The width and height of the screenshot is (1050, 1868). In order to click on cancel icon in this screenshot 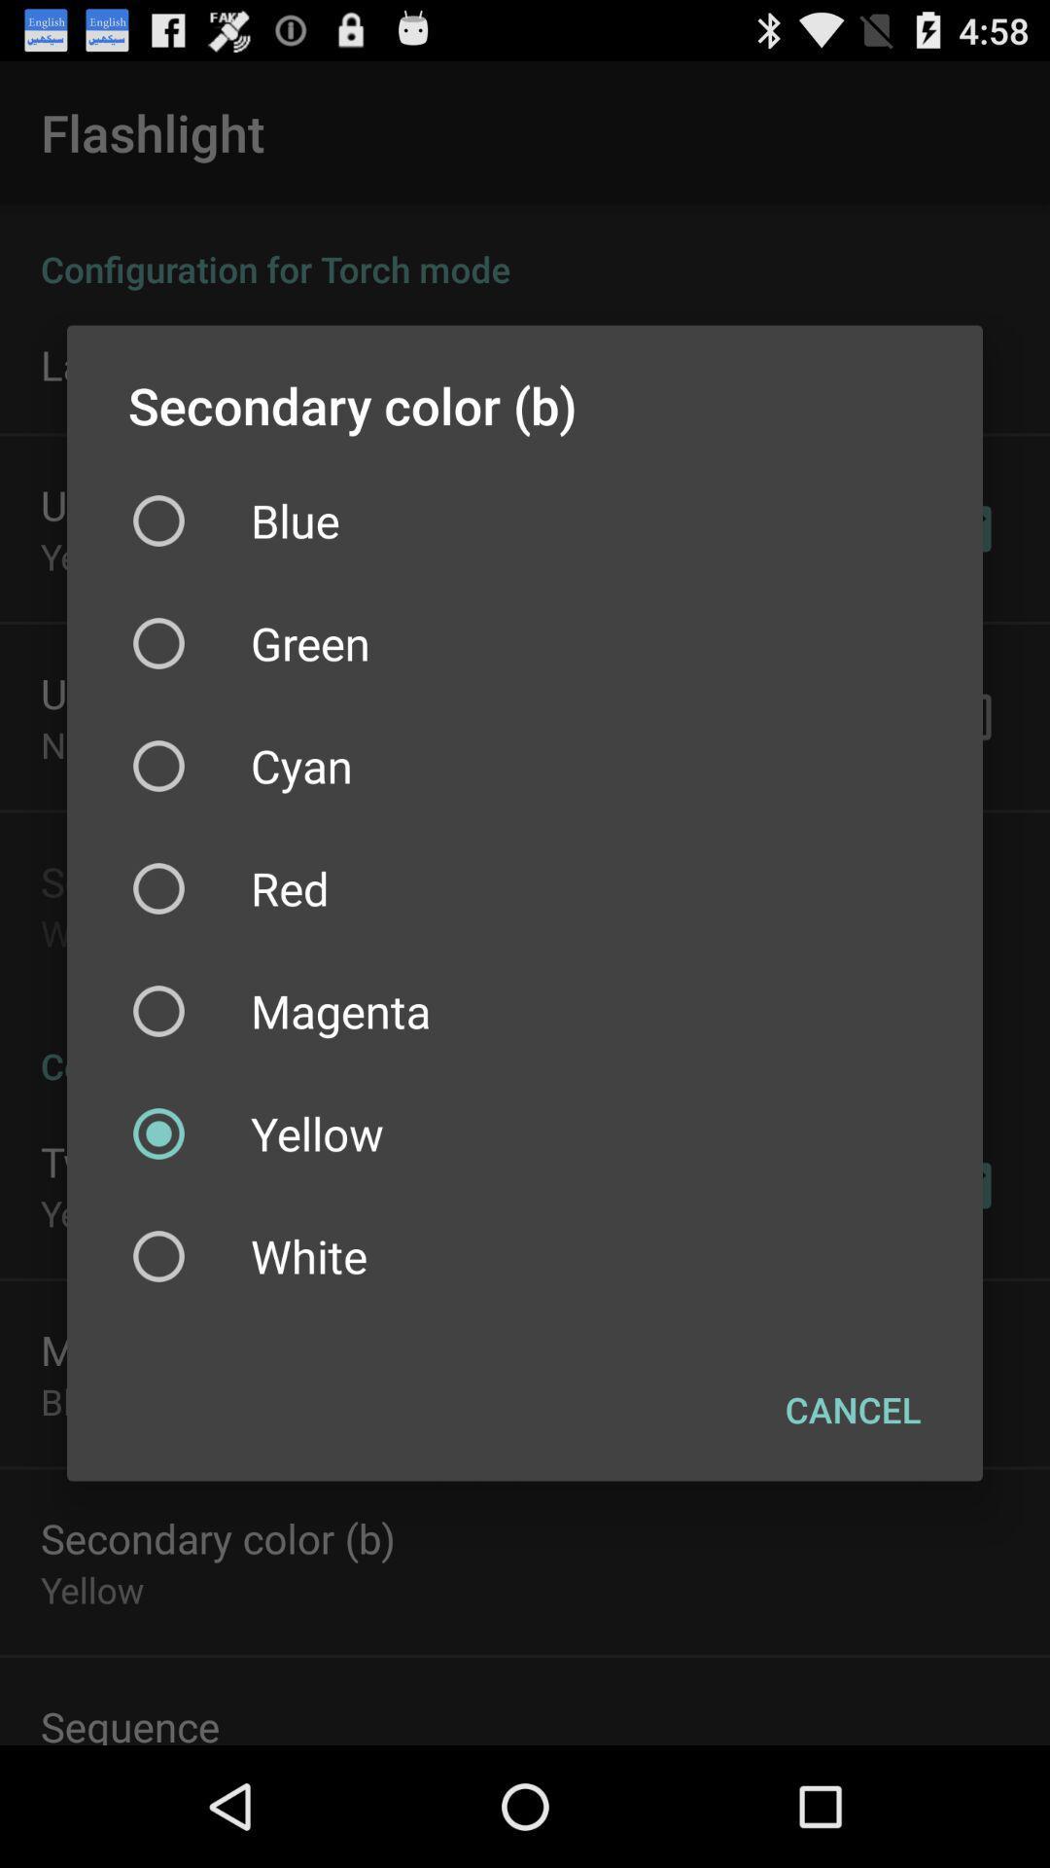, I will do `click(852, 1410)`.